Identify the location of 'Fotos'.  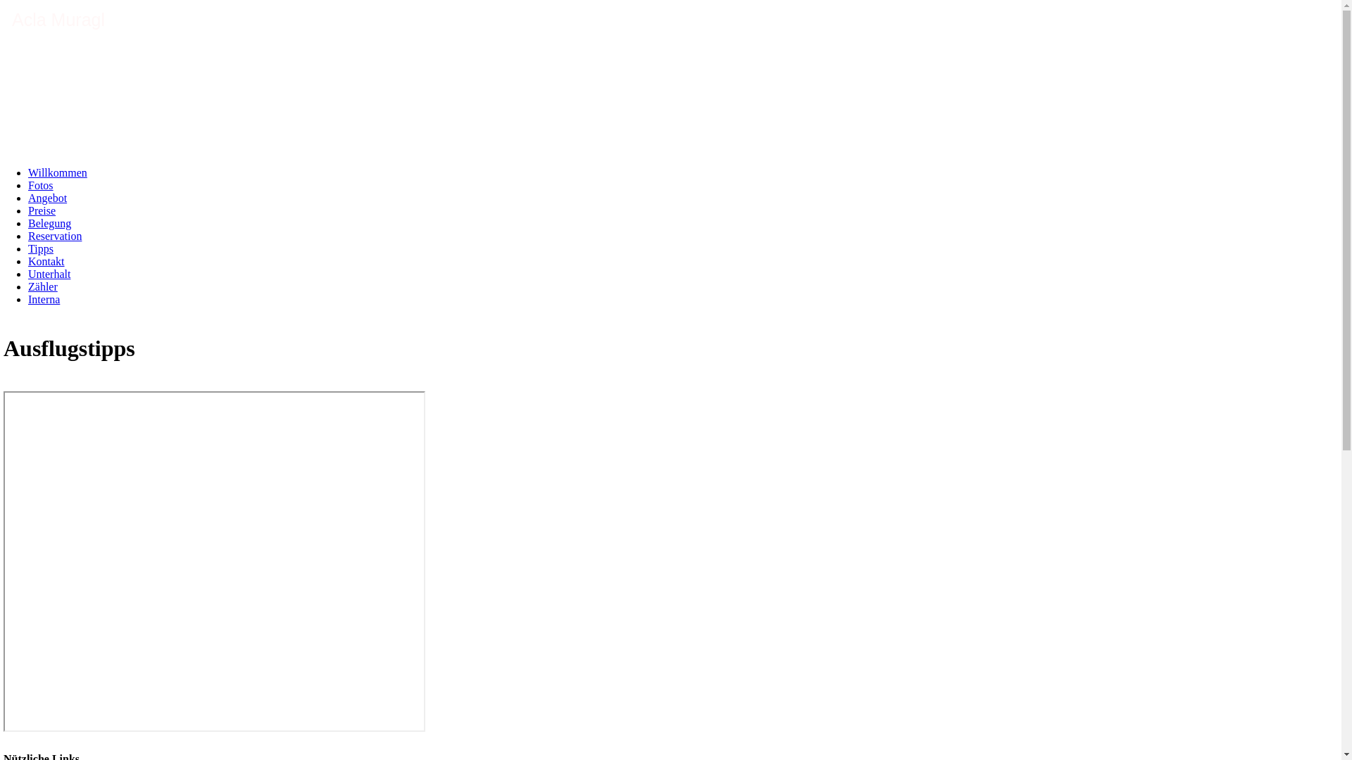
(40, 184).